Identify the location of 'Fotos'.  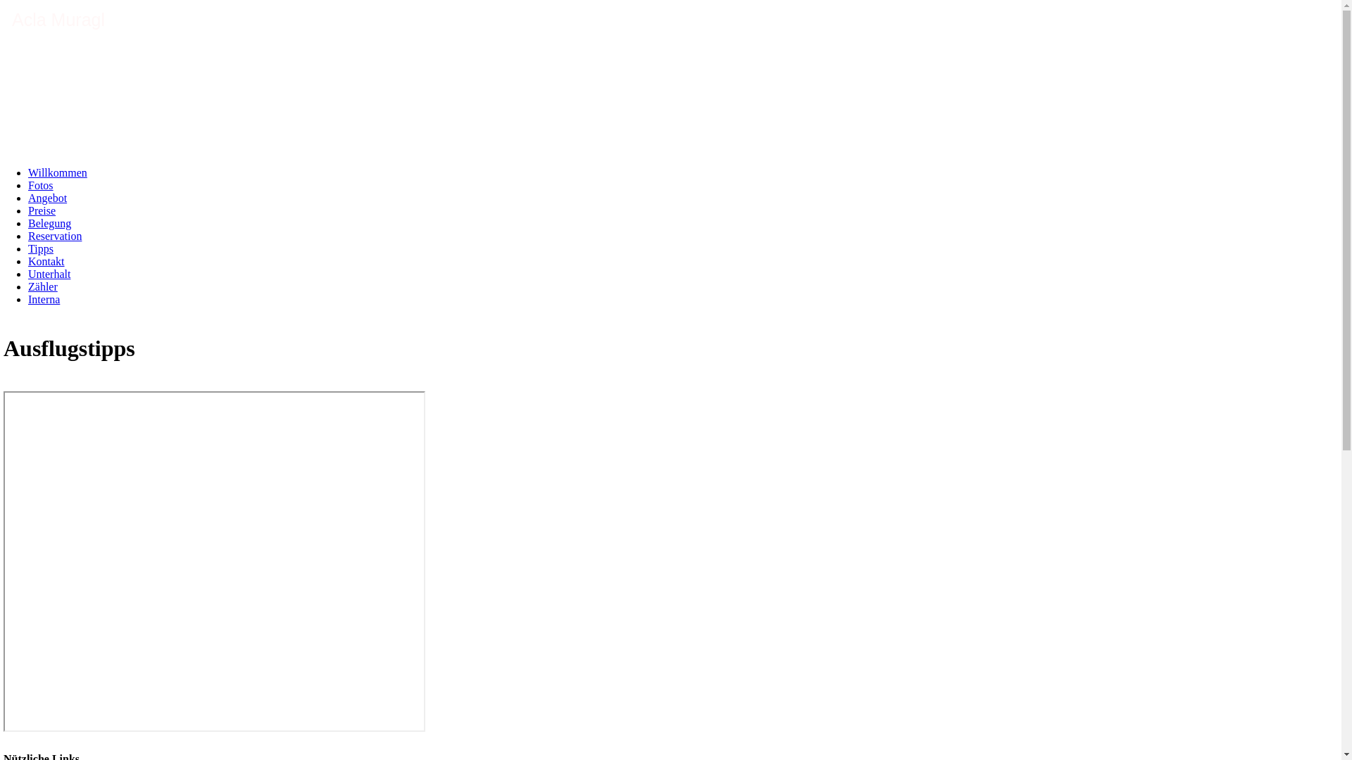
(40, 184).